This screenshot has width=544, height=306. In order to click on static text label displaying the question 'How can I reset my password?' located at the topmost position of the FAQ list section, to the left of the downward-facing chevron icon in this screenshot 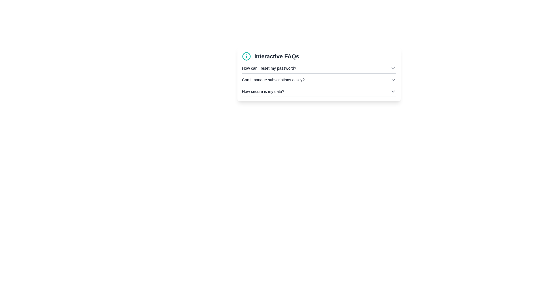, I will do `click(269, 68)`.